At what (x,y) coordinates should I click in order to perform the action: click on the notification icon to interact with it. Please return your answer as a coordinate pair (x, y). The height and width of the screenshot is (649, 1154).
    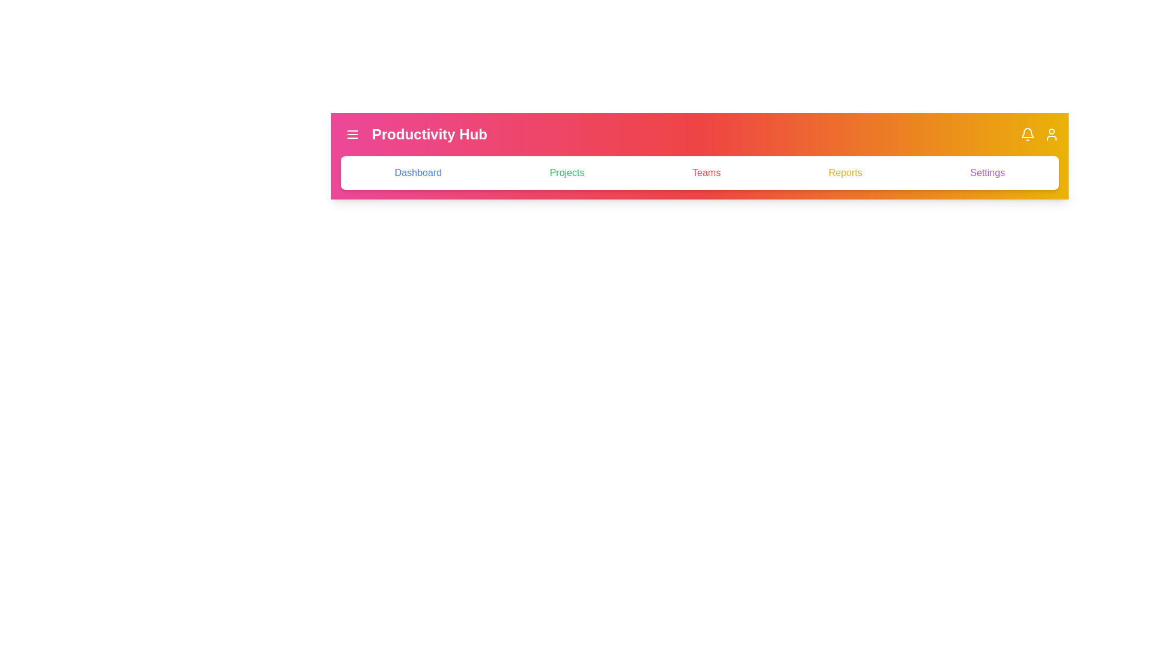
    Looking at the image, I should click on (1027, 134).